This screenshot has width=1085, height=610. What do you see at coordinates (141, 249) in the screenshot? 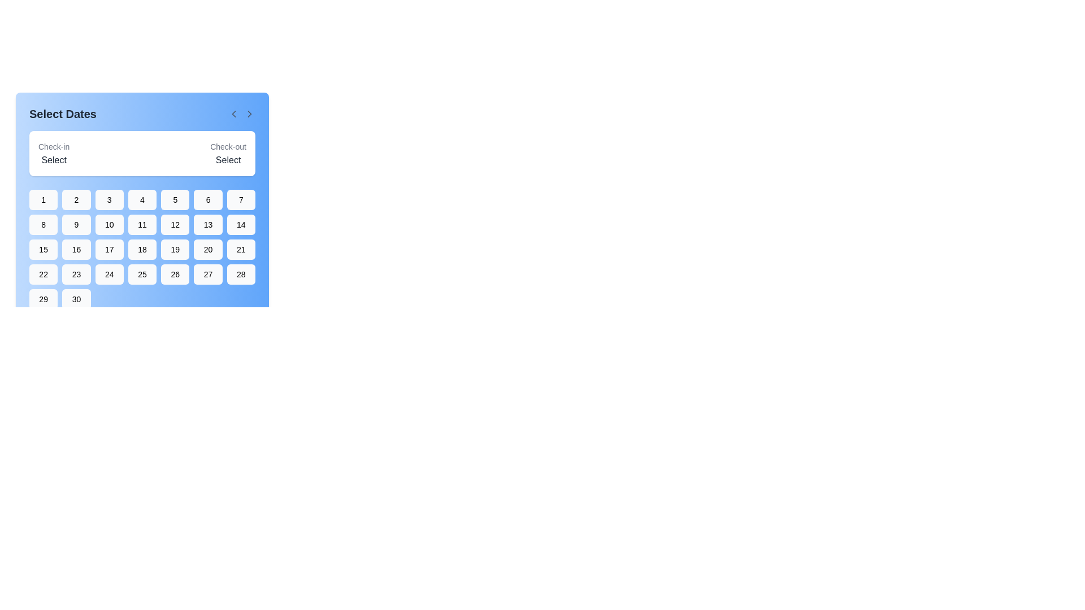
I see `the selectable date button located at the center of the third row and fourth column in the calendar interface` at bounding box center [141, 249].